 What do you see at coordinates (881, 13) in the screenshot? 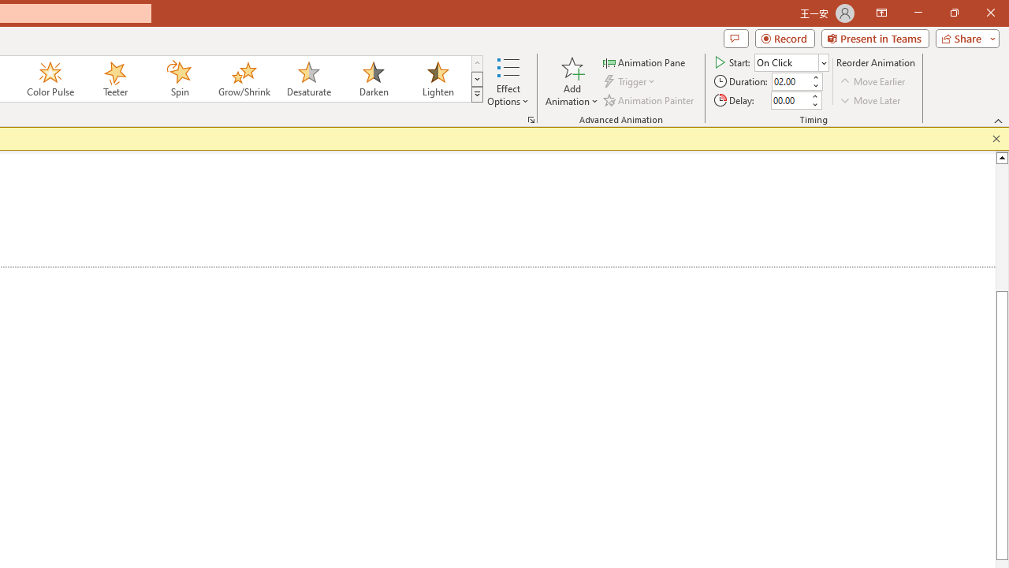
I see `'Ribbon Display Options'` at bounding box center [881, 13].